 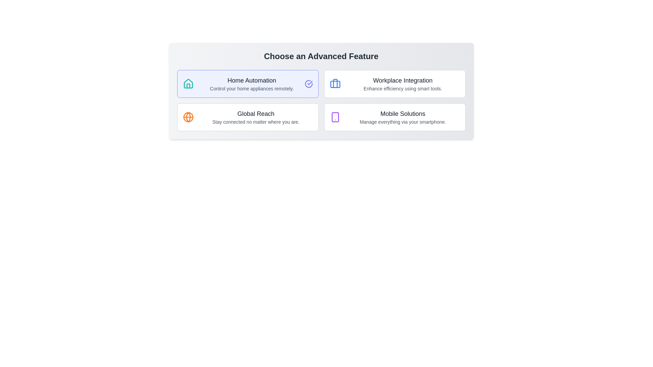 I want to click on the 'Mobile Solutions' card located in the lower-right quadrant of the grid, which displays a title and description text explaining its functionality, so click(x=403, y=117).